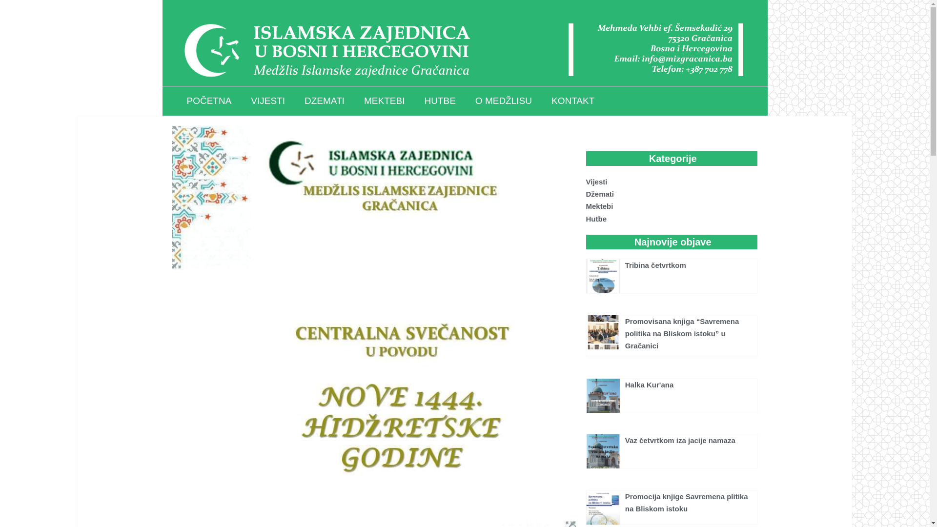 Image resolution: width=937 pixels, height=527 pixels. Describe the element at coordinates (267, 101) in the screenshot. I see `'VIJESTI'` at that location.